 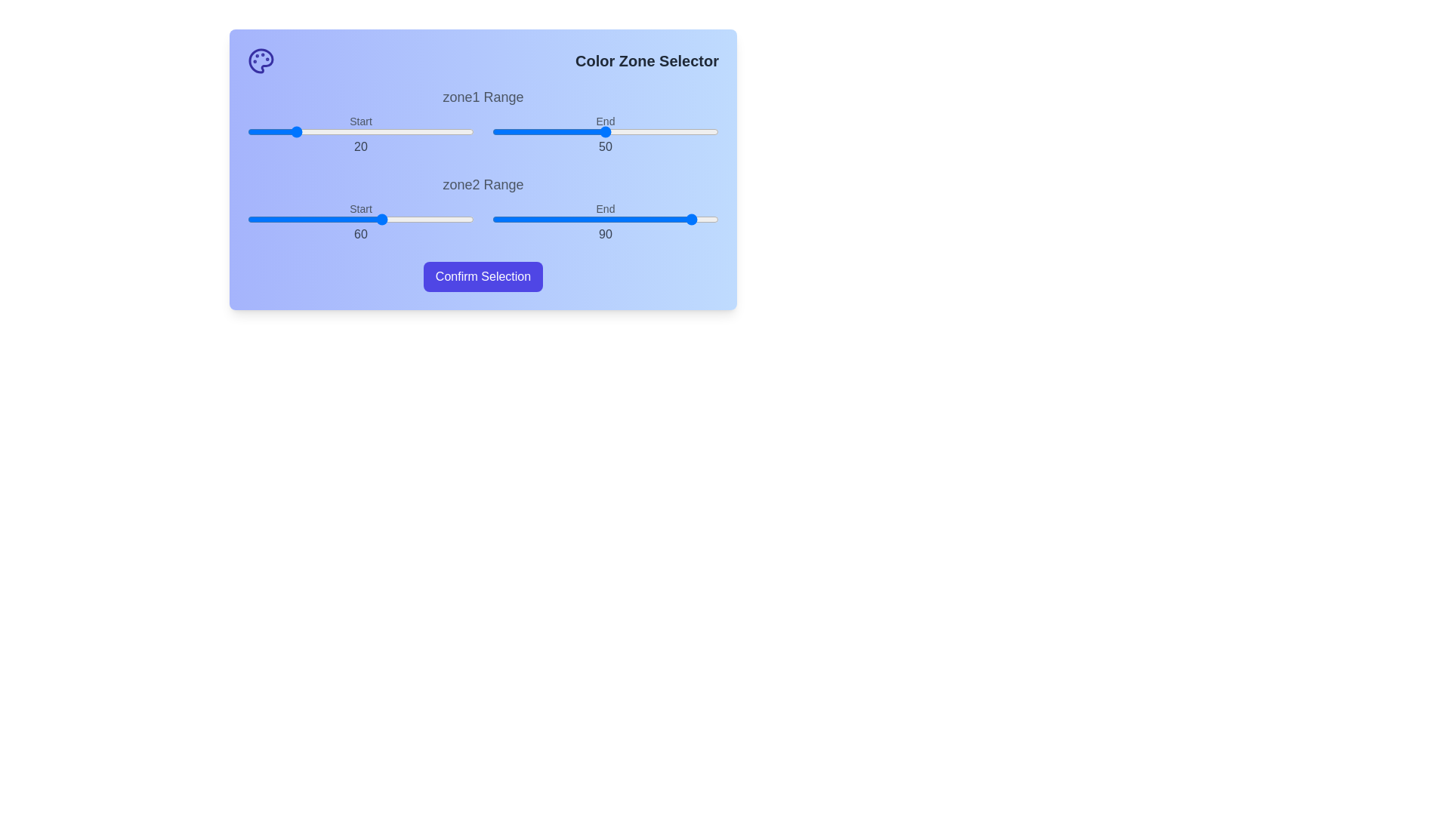 What do you see at coordinates (252, 131) in the screenshot?
I see `the start range slider for zone1 to 2` at bounding box center [252, 131].